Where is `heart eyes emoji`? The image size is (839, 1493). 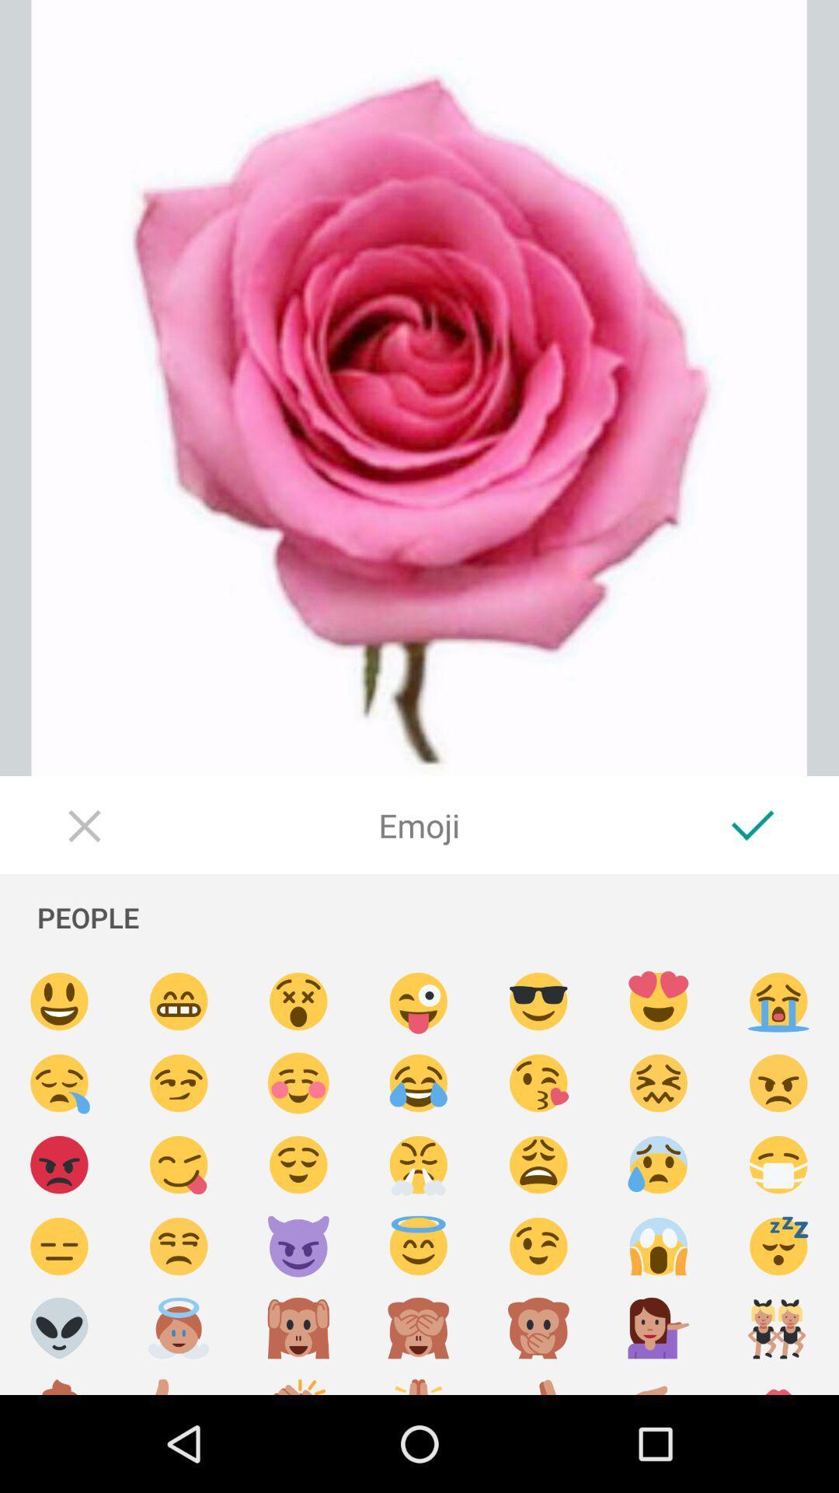
heart eyes emoji is located at coordinates (659, 1002).